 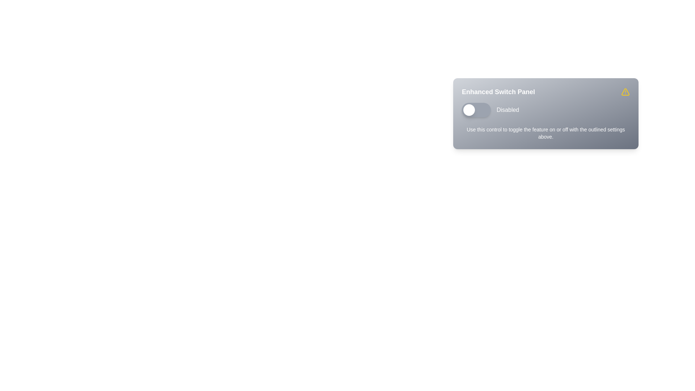 I want to click on the 'Disabled' text label which is styled with a white font on a gray background, located within the 'Enhanced Switch Panel' to the right of the toggle switch, so click(x=507, y=110).